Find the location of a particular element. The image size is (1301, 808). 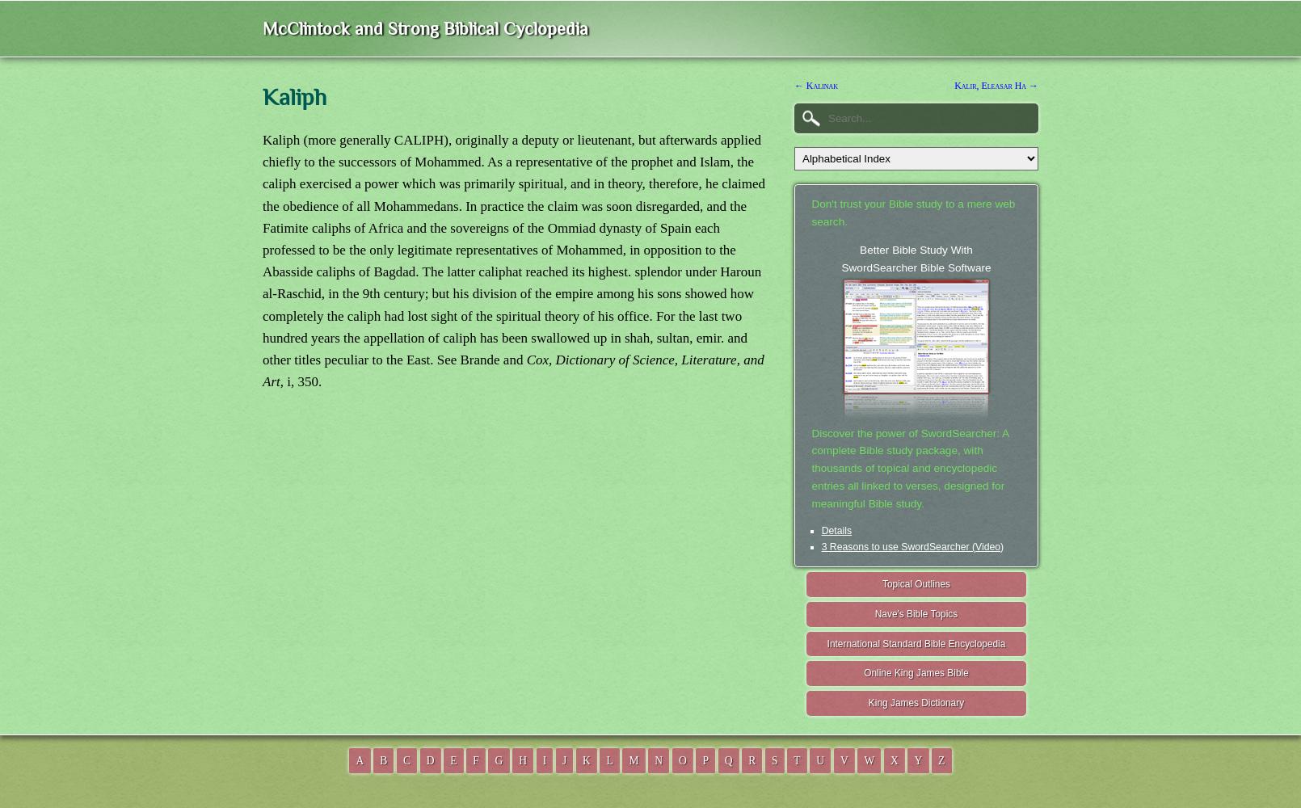

'B' is located at coordinates (383, 759).